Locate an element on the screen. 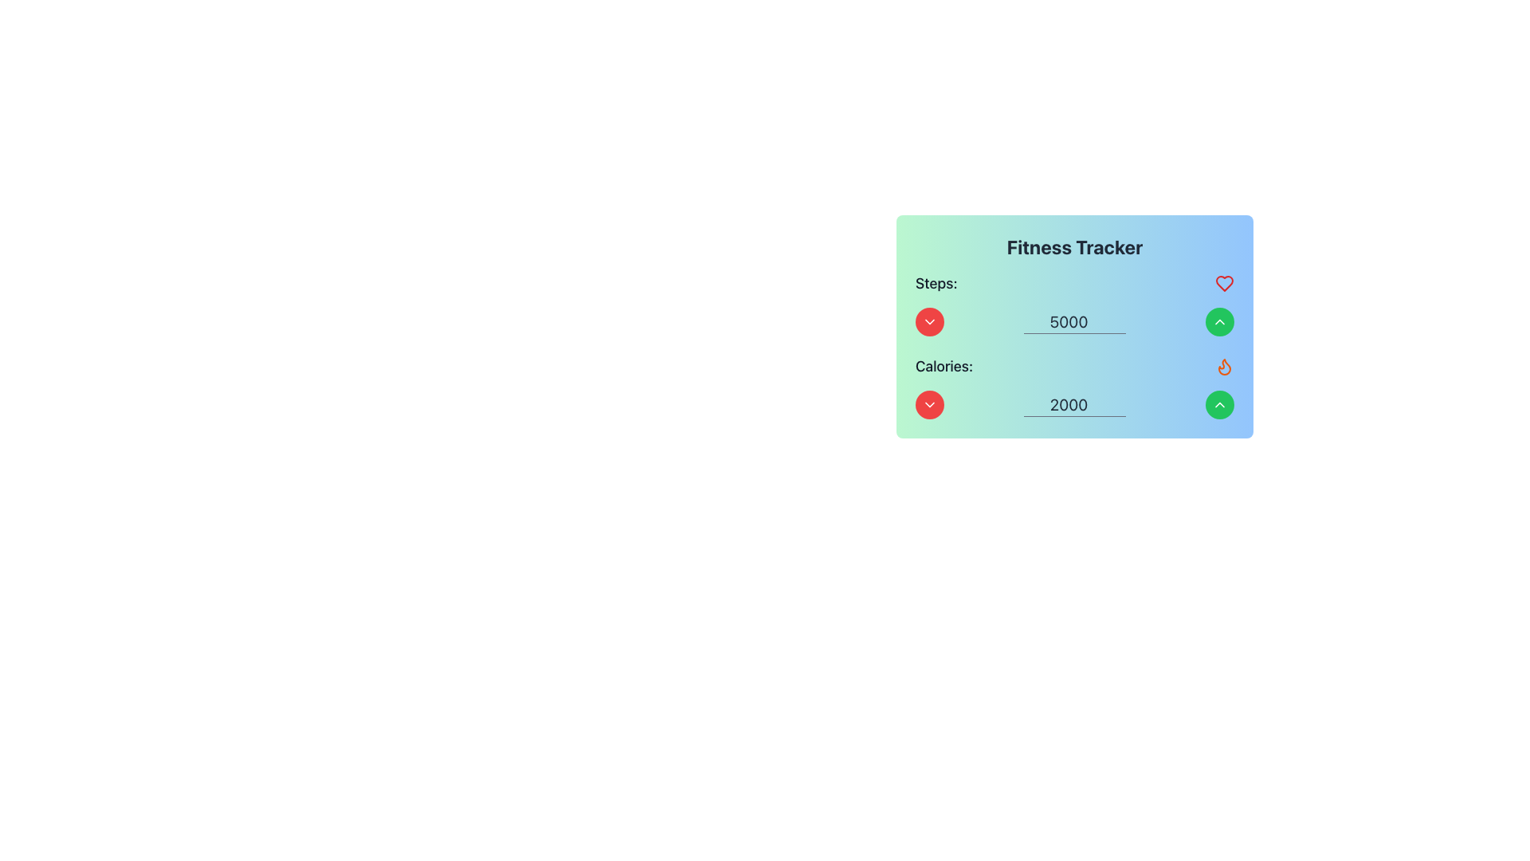  the green round button with a white chevron pointing upwards, located to the right of the numeric input field displaying '5000', to increase the value is located at coordinates (1219, 322).